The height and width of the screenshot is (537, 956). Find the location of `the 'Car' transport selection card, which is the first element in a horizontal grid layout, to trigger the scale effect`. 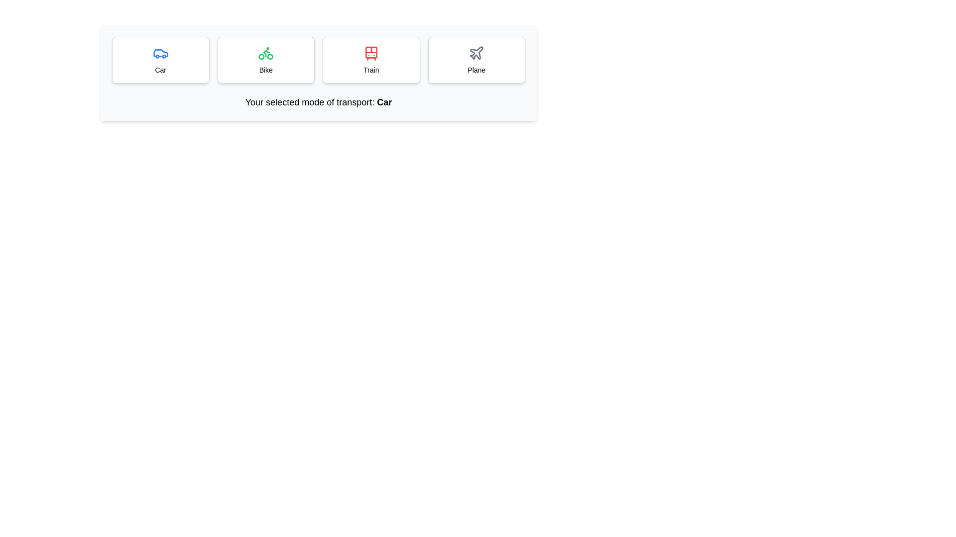

the 'Car' transport selection card, which is the first element in a horizontal grid layout, to trigger the scale effect is located at coordinates (160, 60).